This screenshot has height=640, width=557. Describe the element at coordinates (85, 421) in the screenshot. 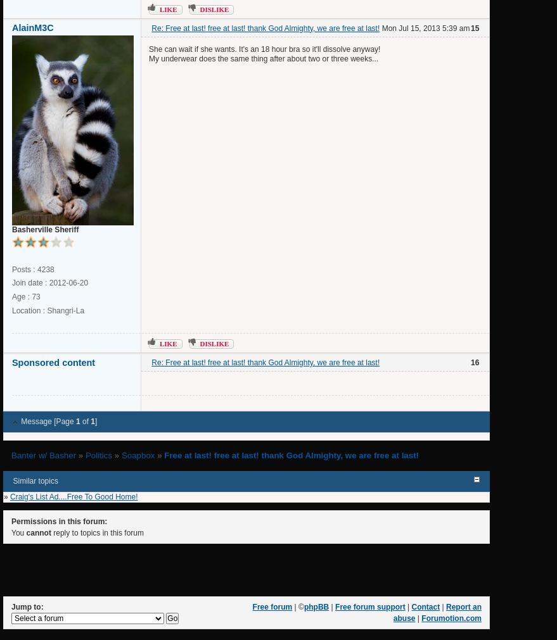

I see `'of'` at that location.